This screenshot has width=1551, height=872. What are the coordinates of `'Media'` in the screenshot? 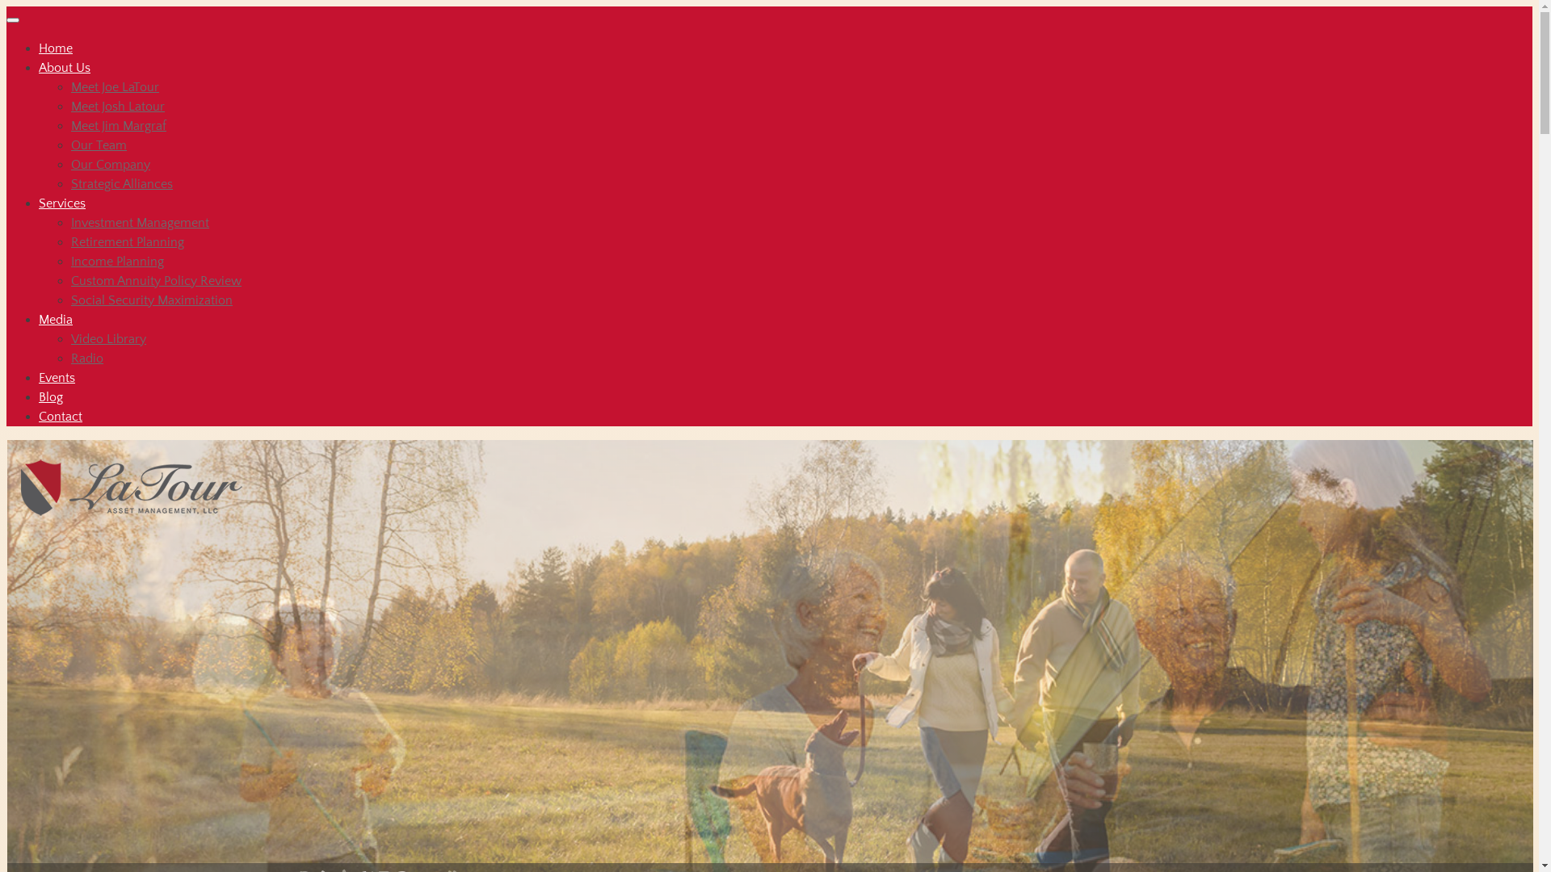 It's located at (55, 320).